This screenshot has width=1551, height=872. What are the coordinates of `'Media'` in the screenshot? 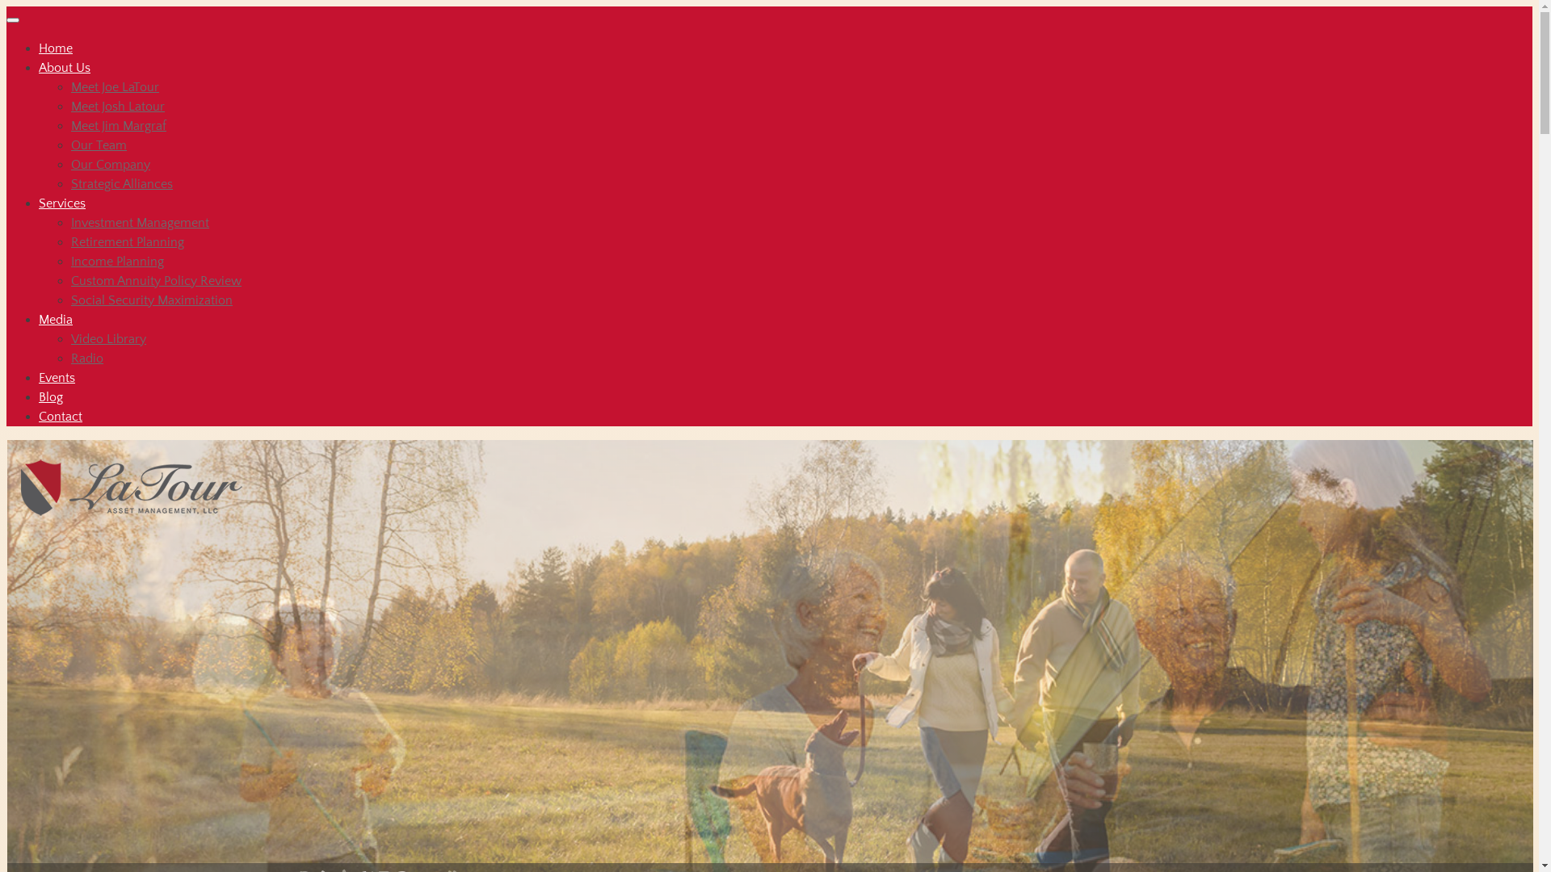 It's located at (55, 320).